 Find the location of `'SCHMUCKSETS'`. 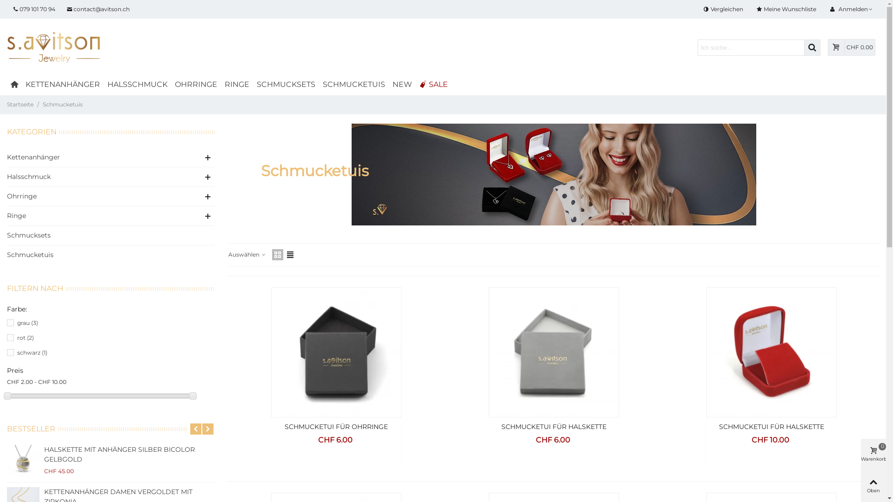

'SCHMUCKSETS' is located at coordinates (285, 84).